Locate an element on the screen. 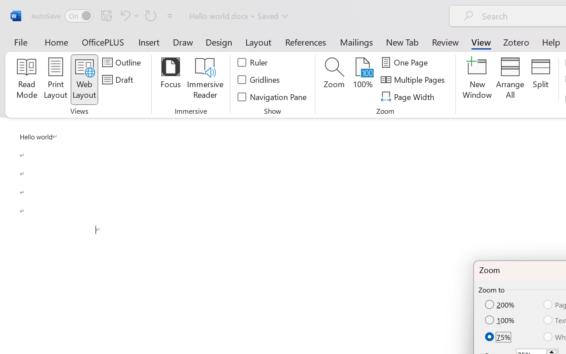 Image resolution: width=566 pixels, height=354 pixels. '100%' is located at coordinates (501, 319).